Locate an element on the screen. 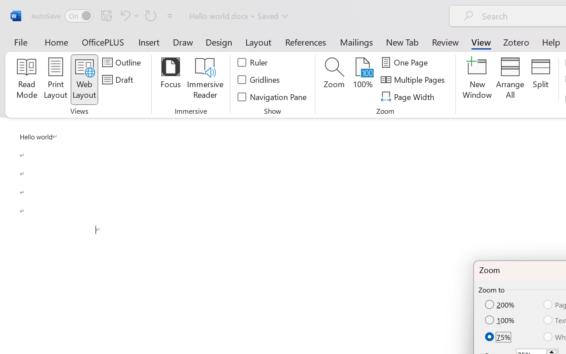 Image resolution: width=566 pixels, height=354 pixels. '100%' is located at coordinates (501, 319).